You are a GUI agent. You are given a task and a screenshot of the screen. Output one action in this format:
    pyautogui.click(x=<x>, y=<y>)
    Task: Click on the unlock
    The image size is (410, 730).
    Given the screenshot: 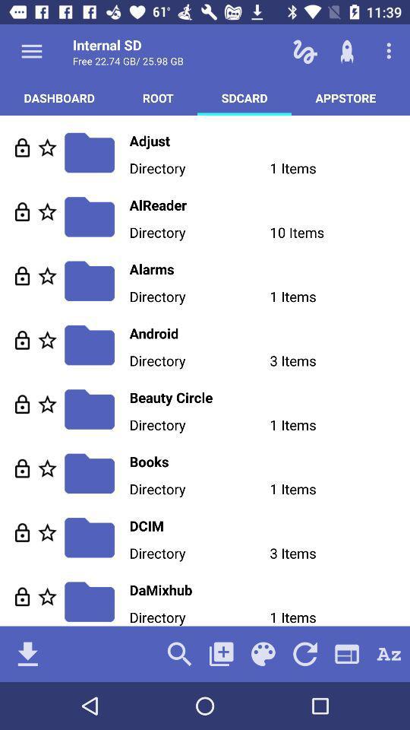 What is the action you would take?
    pyautogui.click(x=21, y=532)
    